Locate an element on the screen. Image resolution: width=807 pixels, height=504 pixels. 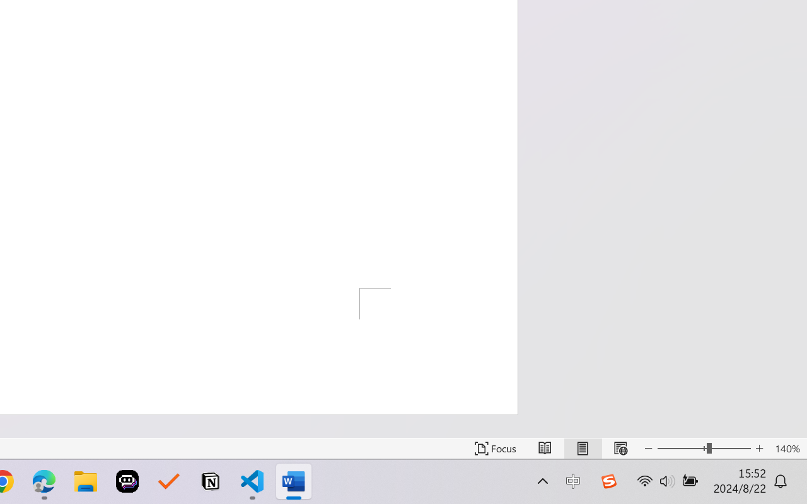
'Class: Image' is located at coordinates (608, 481).